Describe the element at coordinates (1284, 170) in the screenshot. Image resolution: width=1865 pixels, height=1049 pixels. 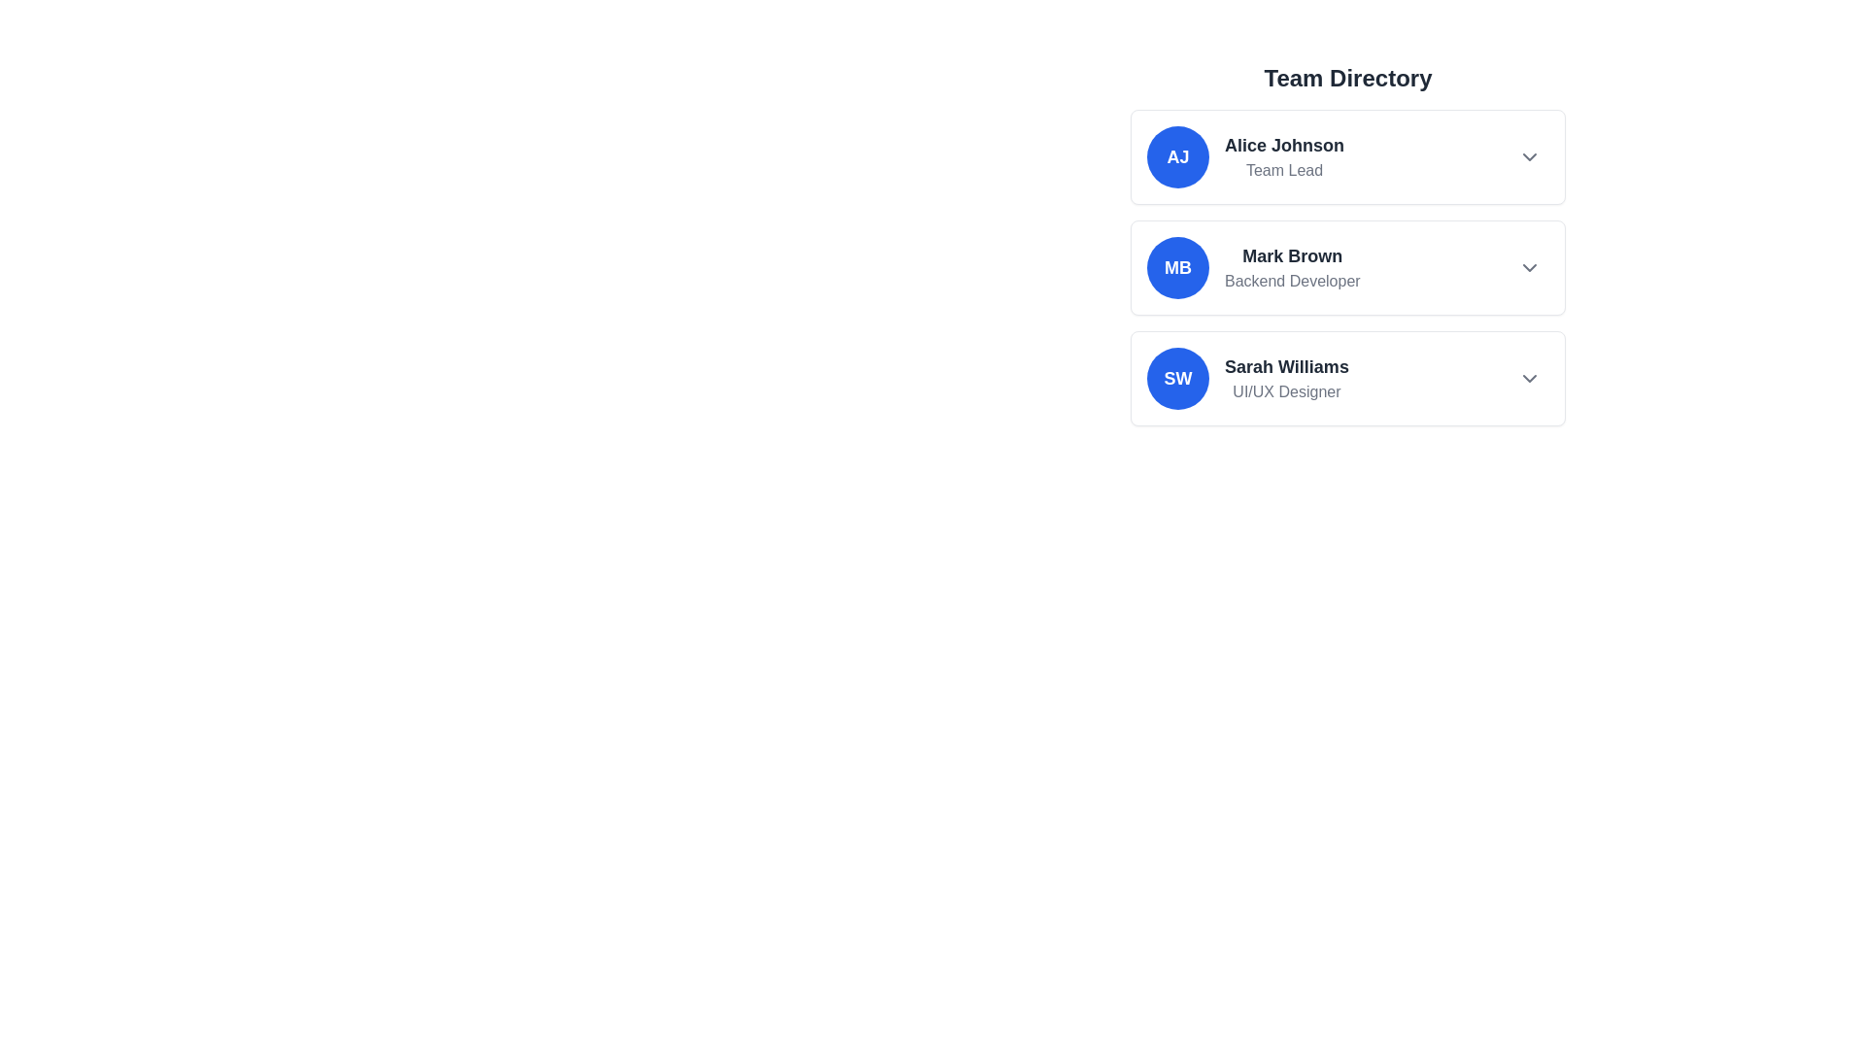
I see `the 'Team Lead' text label, which is styled in subdued gray and located below the bold text 'Alice Johnson' in the 'Team Directory' section` at that location.